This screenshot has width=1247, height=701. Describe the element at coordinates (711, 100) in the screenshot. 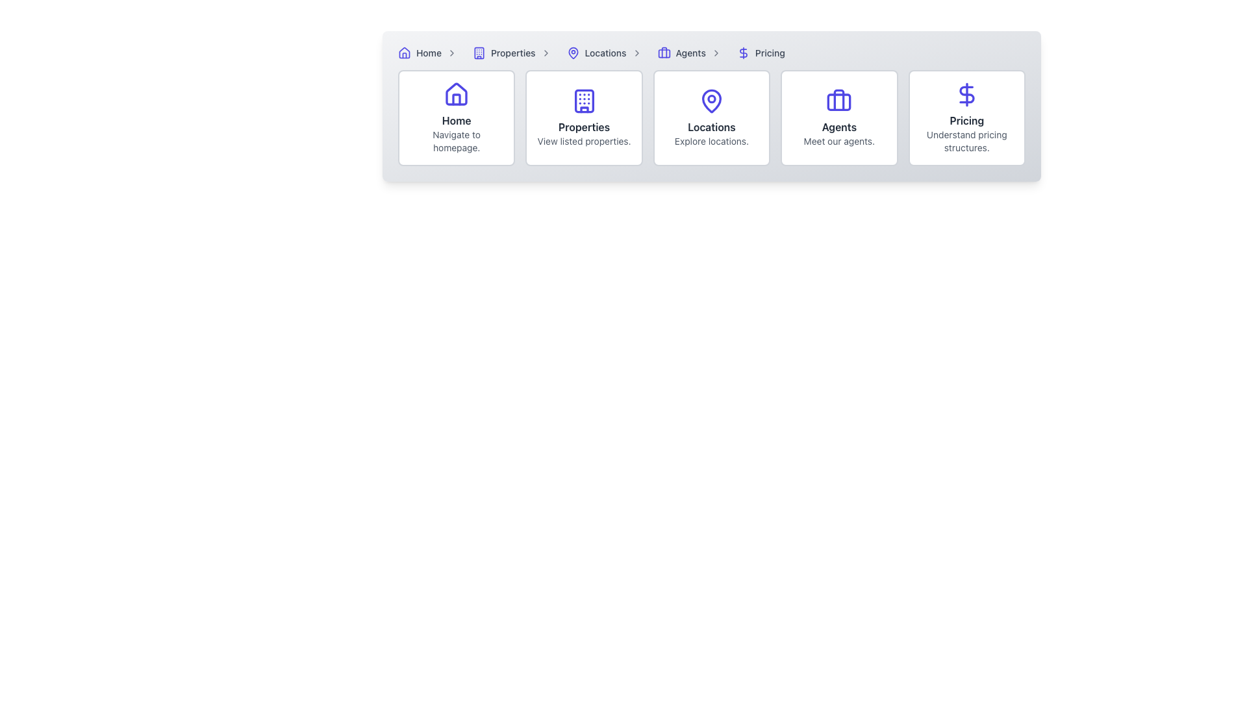

I see `the violet-colored map pin icon located at the top center of the 'Locations' card, which is the third card from the left in a menu bar` at that location.